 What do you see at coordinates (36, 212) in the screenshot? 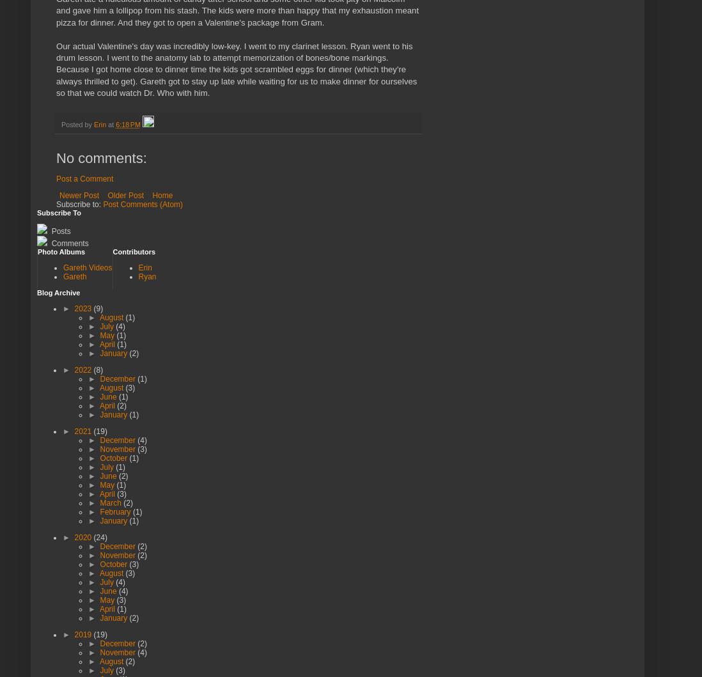
I see `'Subscribe To'` at bounding box center [36, 212].